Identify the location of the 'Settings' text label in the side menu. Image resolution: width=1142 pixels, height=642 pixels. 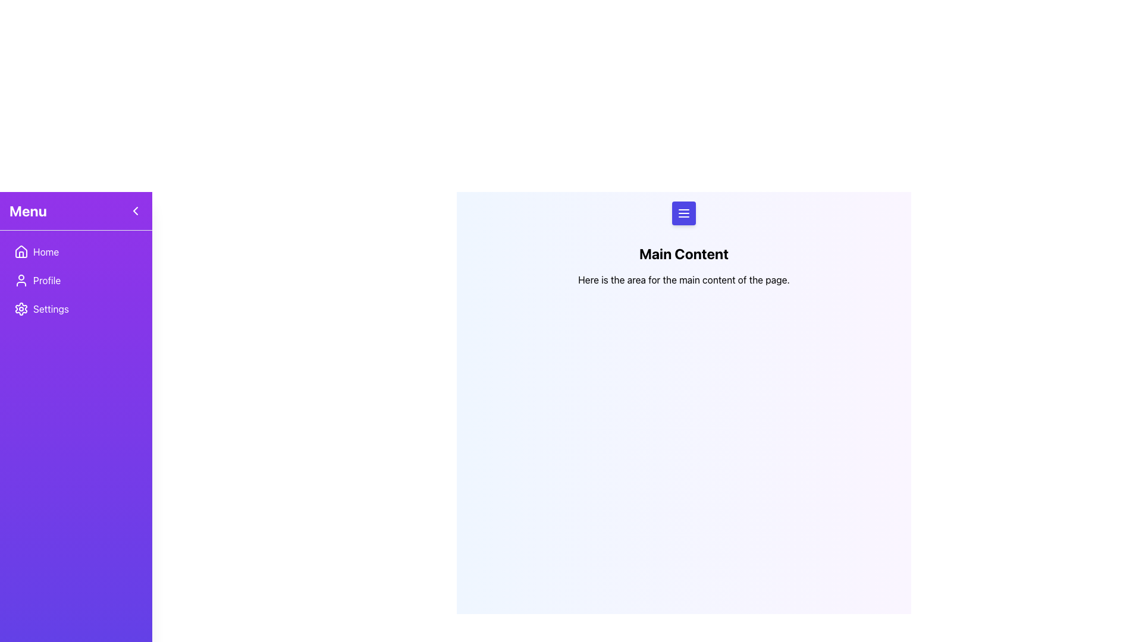
(51, 309).